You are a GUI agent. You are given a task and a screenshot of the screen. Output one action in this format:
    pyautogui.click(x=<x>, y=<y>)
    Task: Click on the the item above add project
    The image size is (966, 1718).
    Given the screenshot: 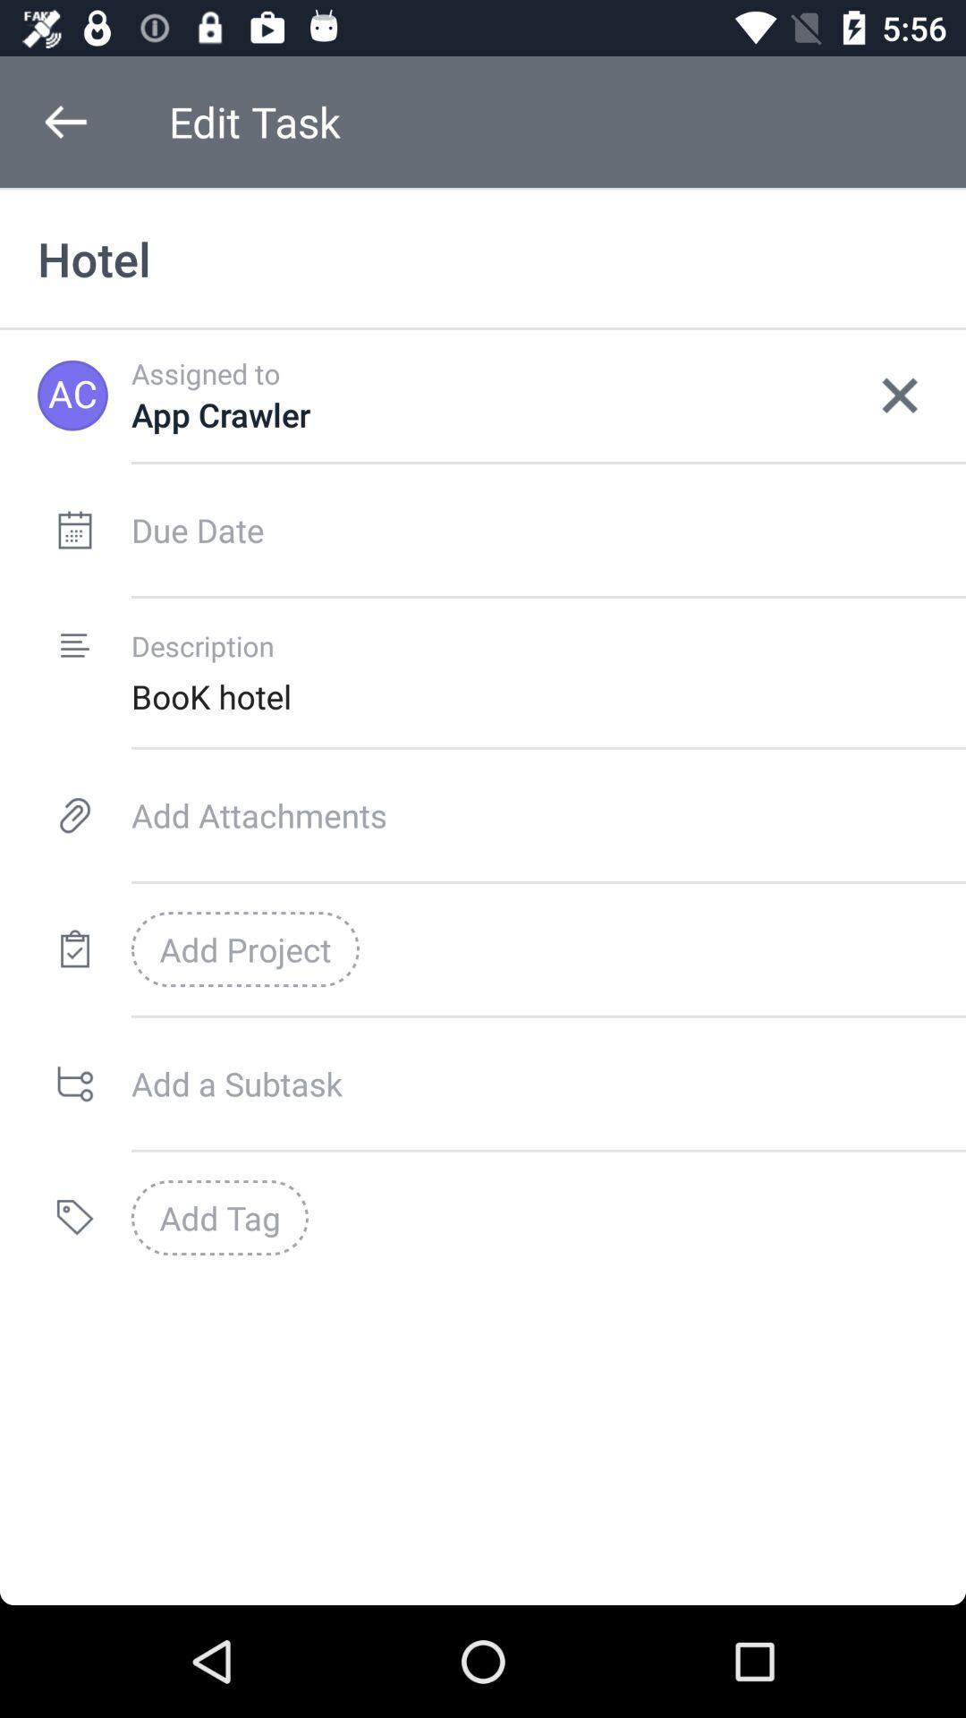 What is the action you would take?
    pyautogui.click(x=547, y=814)
    